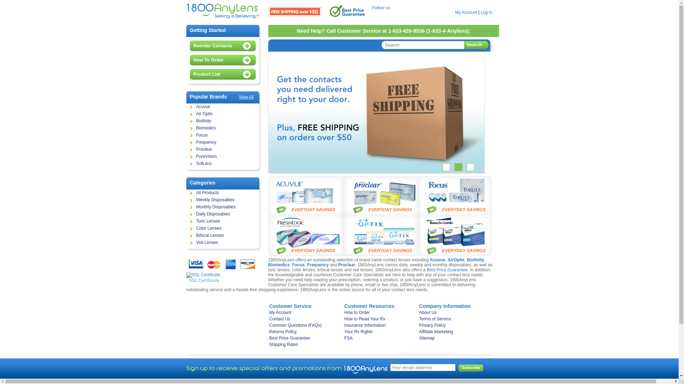 Image resolution: width=684 pixels, height=384 pixels. Describe the element at coordinates (453, 319) in the screenshot. I see `'Terms of Service'` at that location.